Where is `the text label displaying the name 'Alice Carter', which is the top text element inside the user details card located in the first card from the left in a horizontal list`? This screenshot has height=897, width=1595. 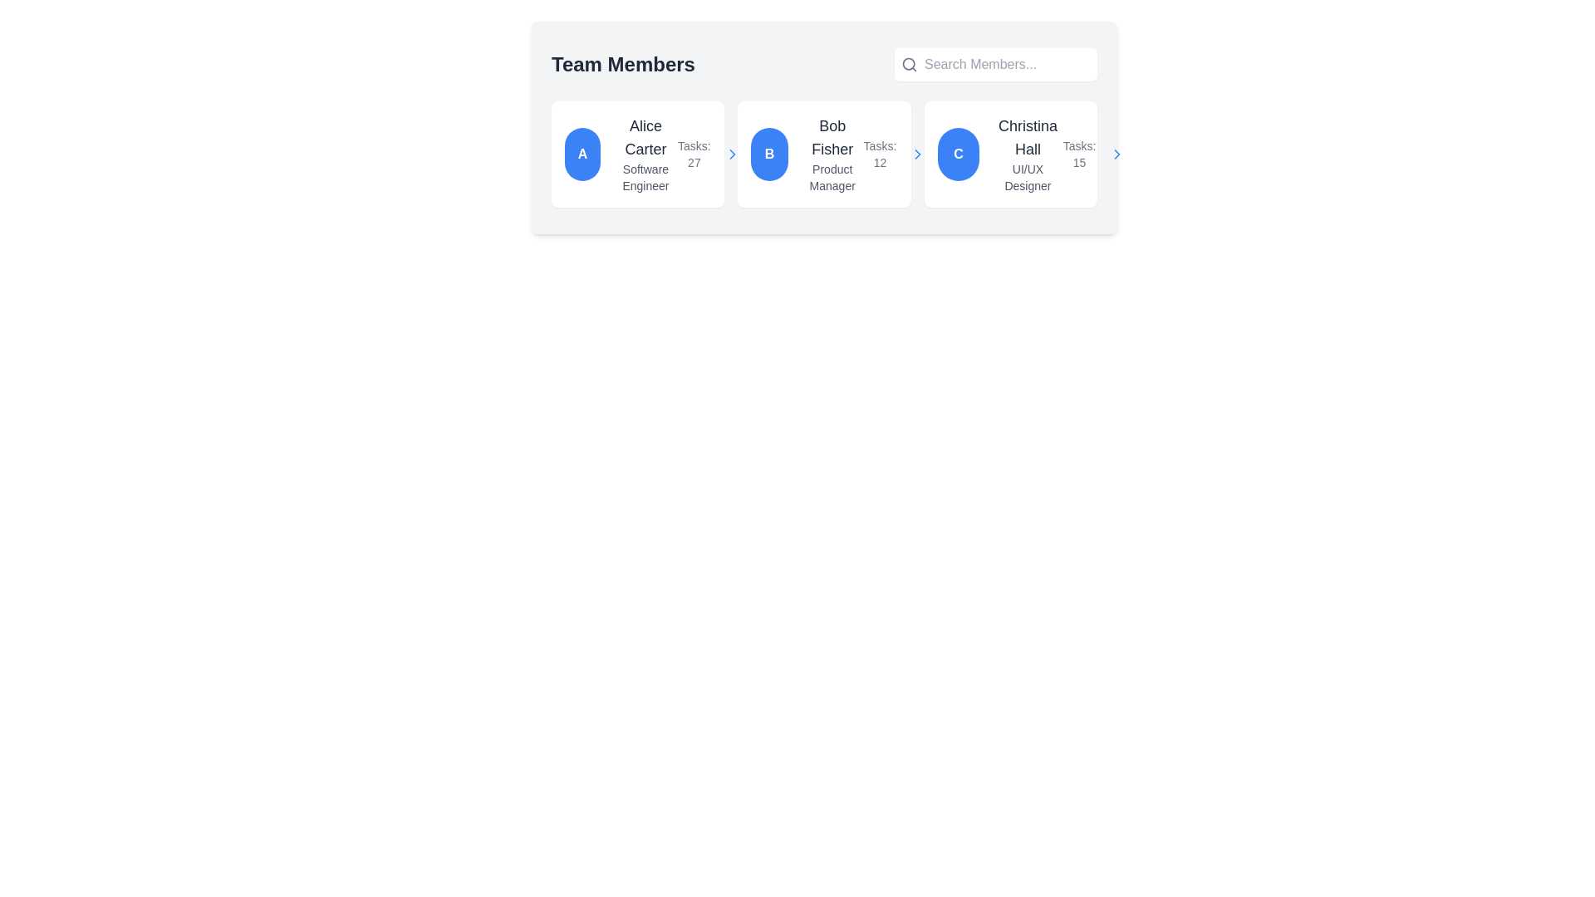
the text label displaying the name 'Alice Carter', which is the top text element inside the user details card located in the first card from the left in a horizontal list is located at coordinates (645, 136).